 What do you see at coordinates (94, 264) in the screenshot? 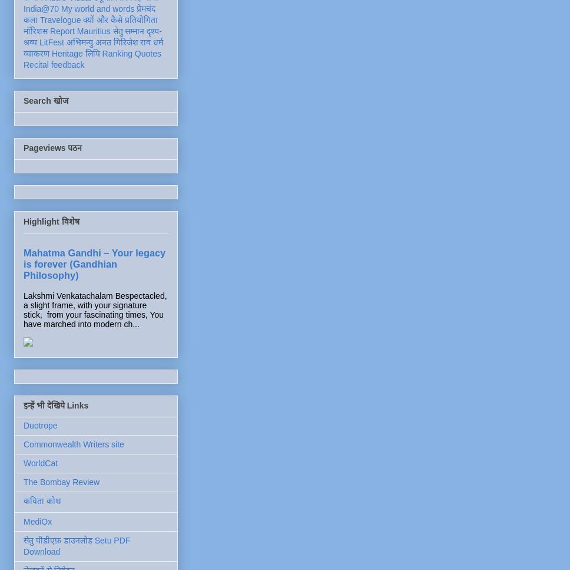
I see `'Mahatma Gandhi – Your legacy is forever (Gandhian Philosophy)'` at bounding box center [94, 264].